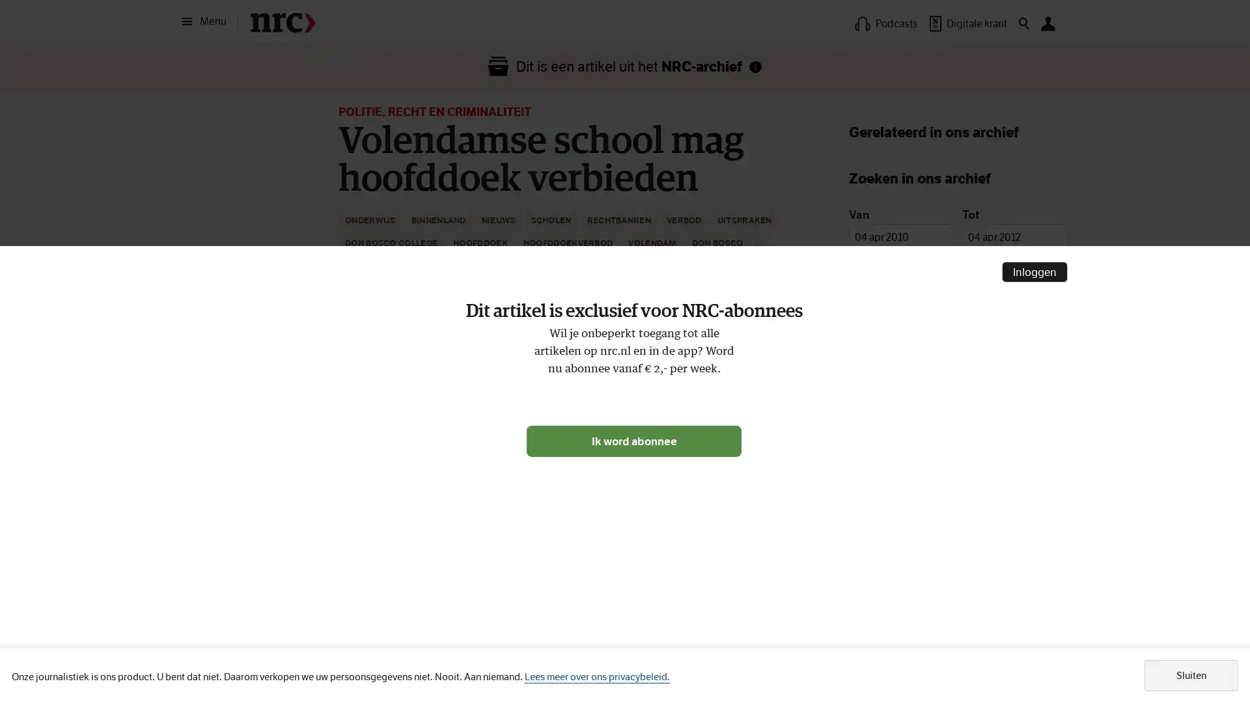 This screenshot has height=703, width=1250. What do you see at coordinates (1048, 23) in the screenshot?
I see `Mijn NRC` at bounding box center [1048, 23].